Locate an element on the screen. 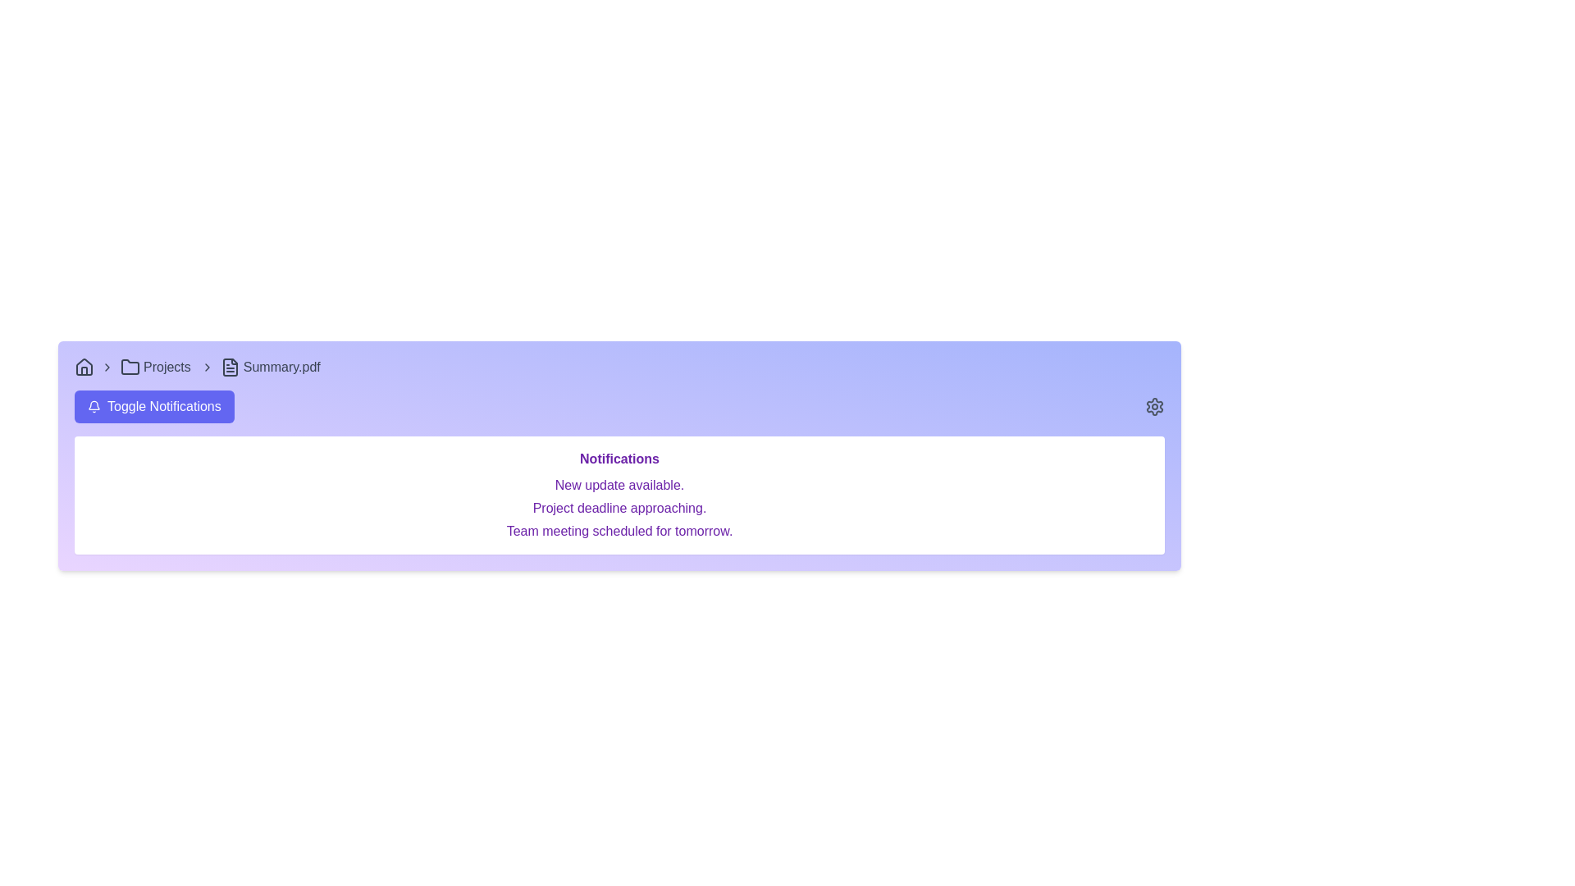 The image size is (1575, 886). the document icon representing 'Summary.pdf' in the breadcrumb navigation by clicking on it is located at coordinates (229, 366).